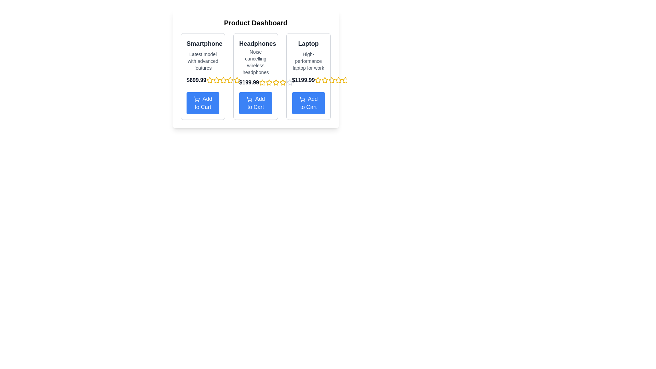  What do you see at coordinates (345, 80) in the screenshot?
I see `the 10th light yellow outlined star icon representing the rating feature under the product section titled 'Laptop' in the product listing interface of the dashboard` at bounding box center [345, 80].